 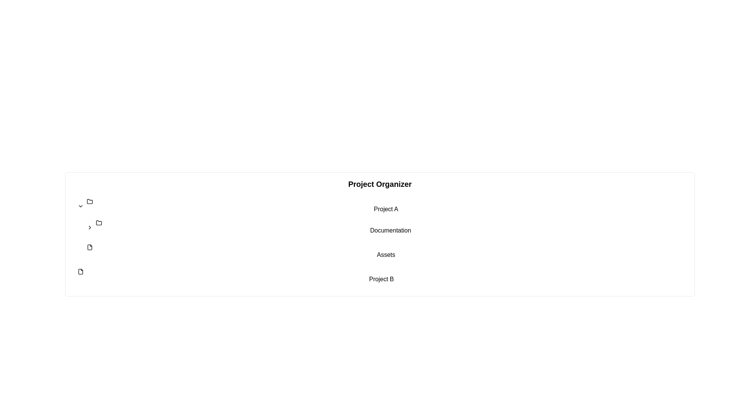 What do you see at coordinates (98, 223) in the screenshot?
I see `the folder icon styled with a flat 2D line design` at bounding box center [98, 223].